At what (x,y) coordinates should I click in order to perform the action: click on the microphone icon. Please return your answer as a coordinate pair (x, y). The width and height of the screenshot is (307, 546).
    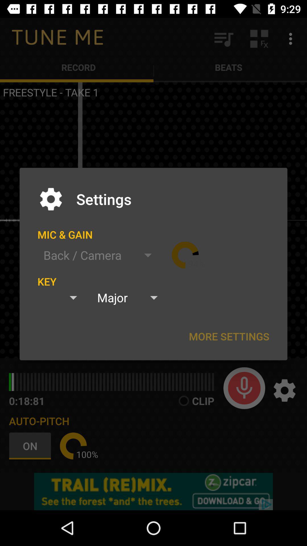
    Looking at the image, I should click on (244, 388).